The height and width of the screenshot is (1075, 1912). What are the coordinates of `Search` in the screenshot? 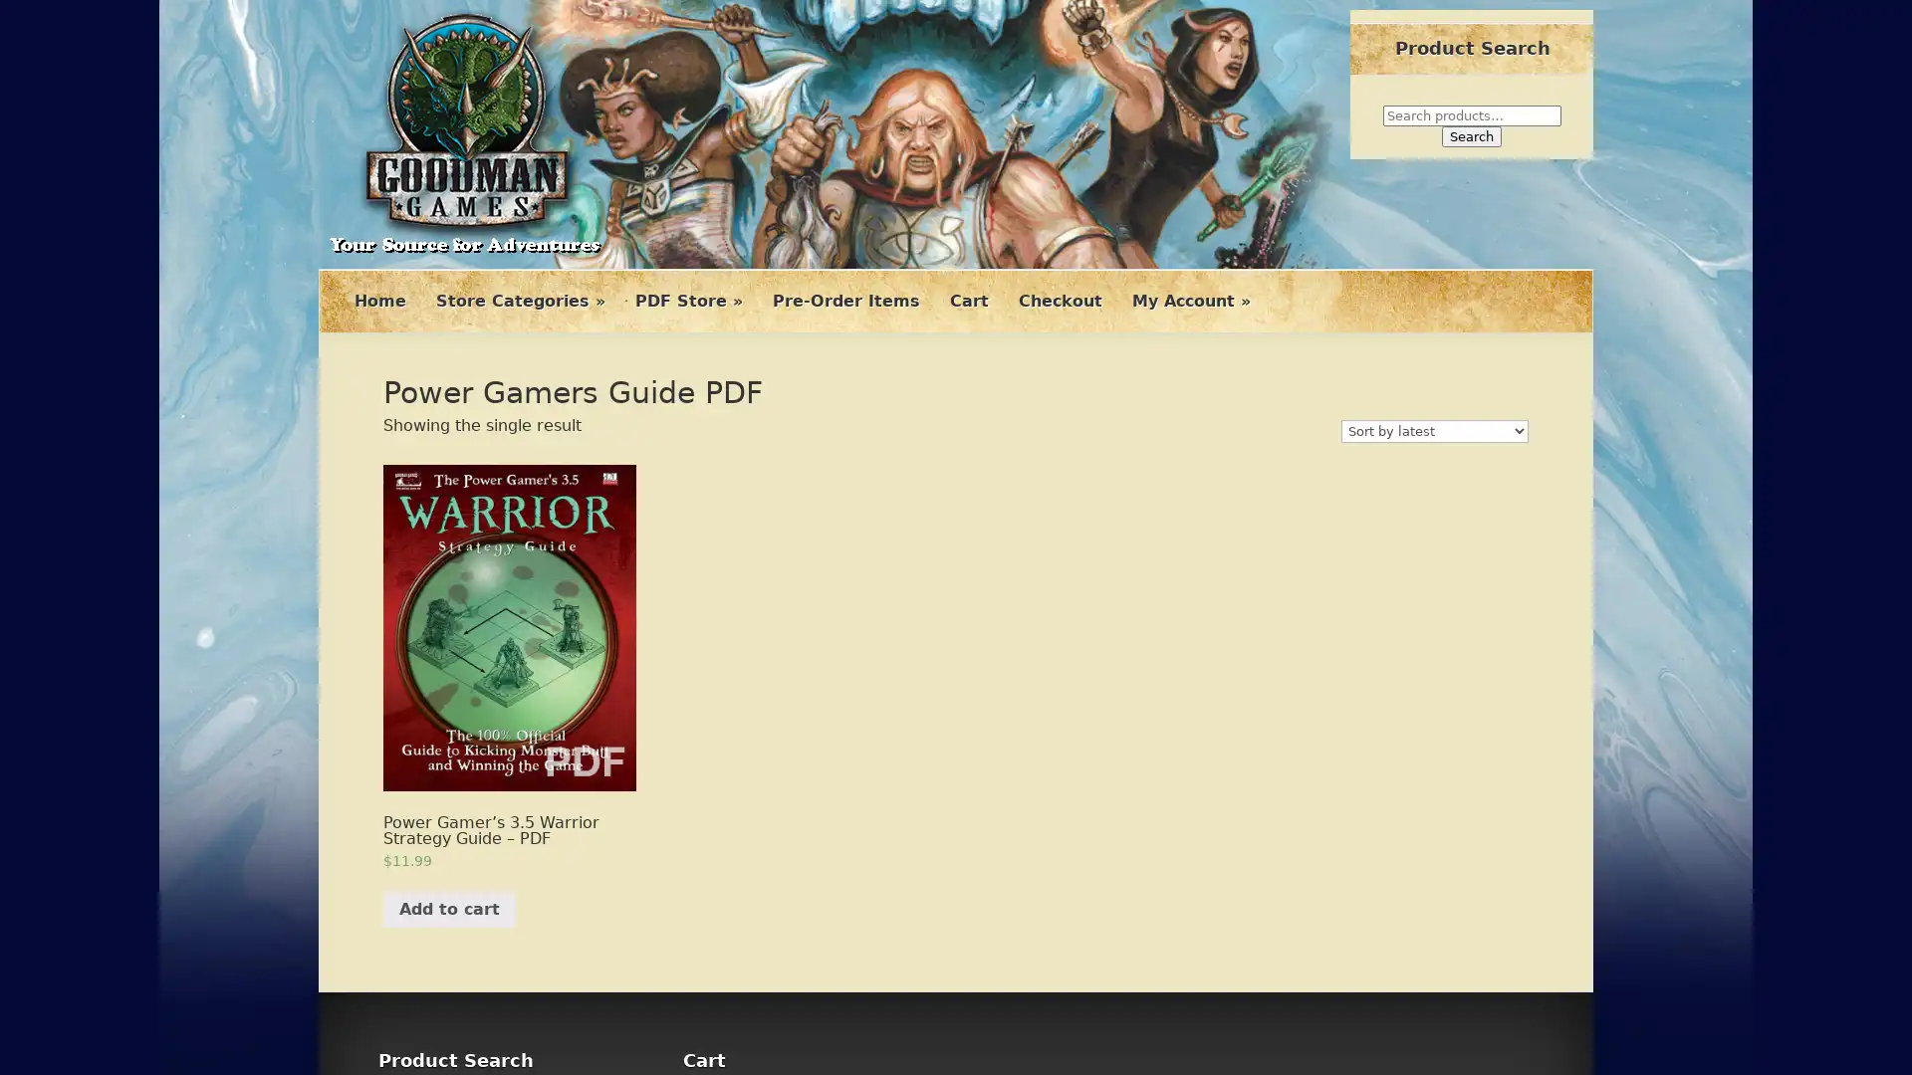 It's located at (1472, 135).